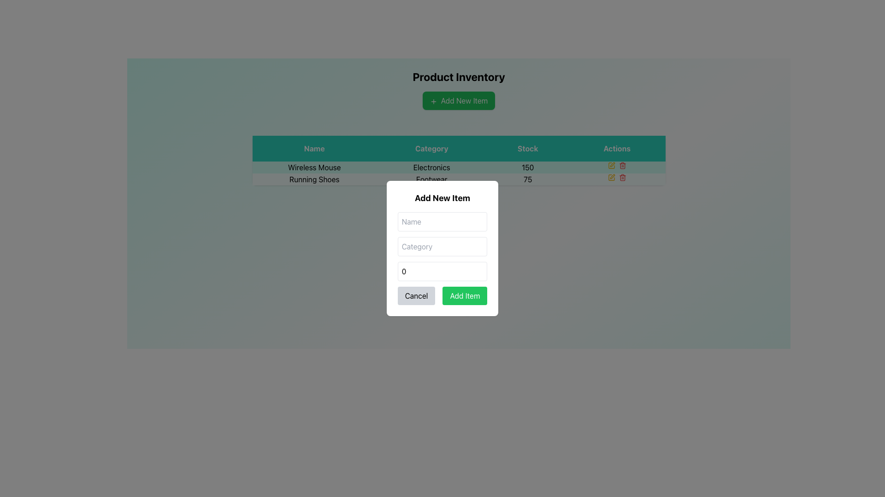  Describe the element at coordinates (459, 76) in the screenshot. I see `the 'Product Inventory' text label, which is bold and large, located near the top of its section and distinct against a lighter background` at that location.